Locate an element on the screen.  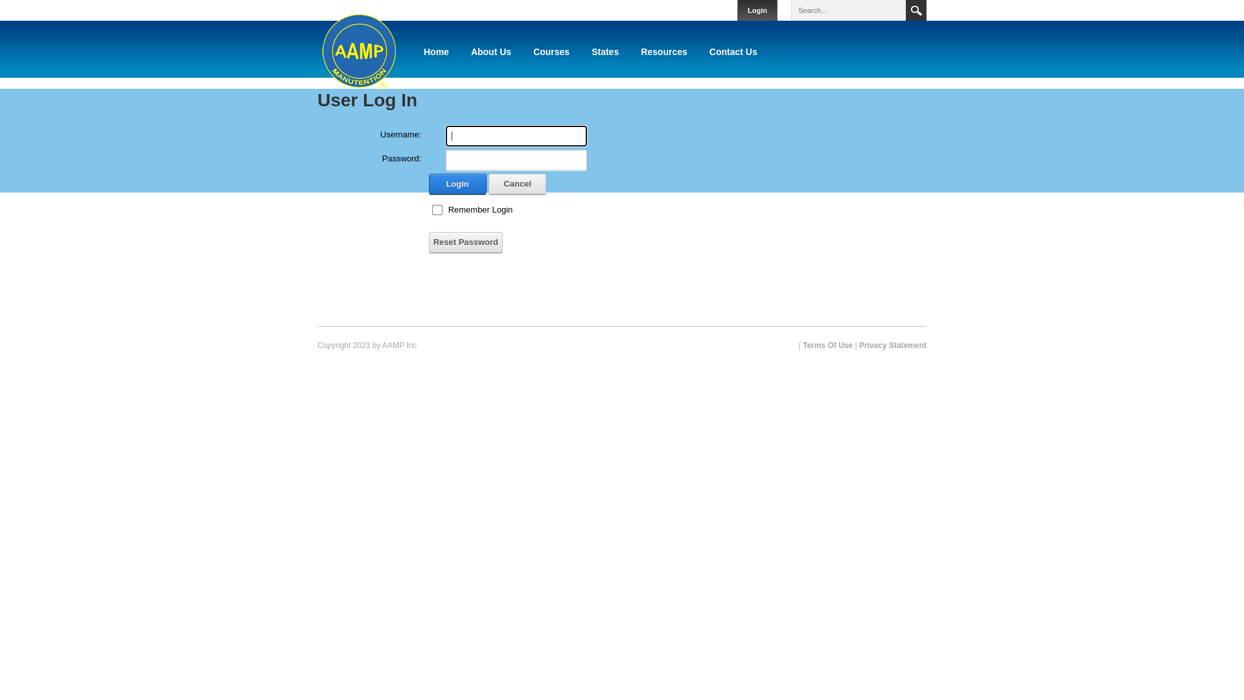
'Contact Us' is located at coordinates (733, 51).